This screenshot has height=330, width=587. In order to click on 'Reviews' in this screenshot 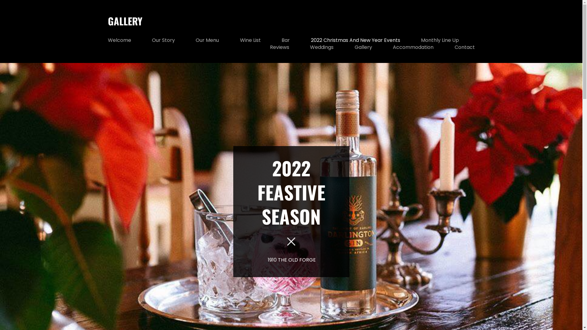, I will do `click(279, 47)`.